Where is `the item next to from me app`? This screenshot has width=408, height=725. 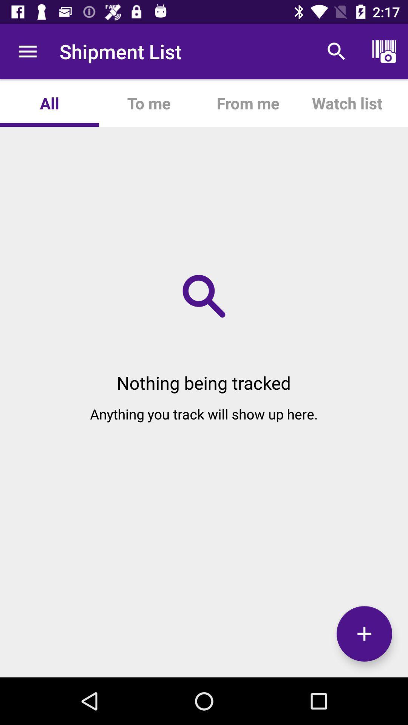 the item next to from me app is located at coordinates (336, 51).